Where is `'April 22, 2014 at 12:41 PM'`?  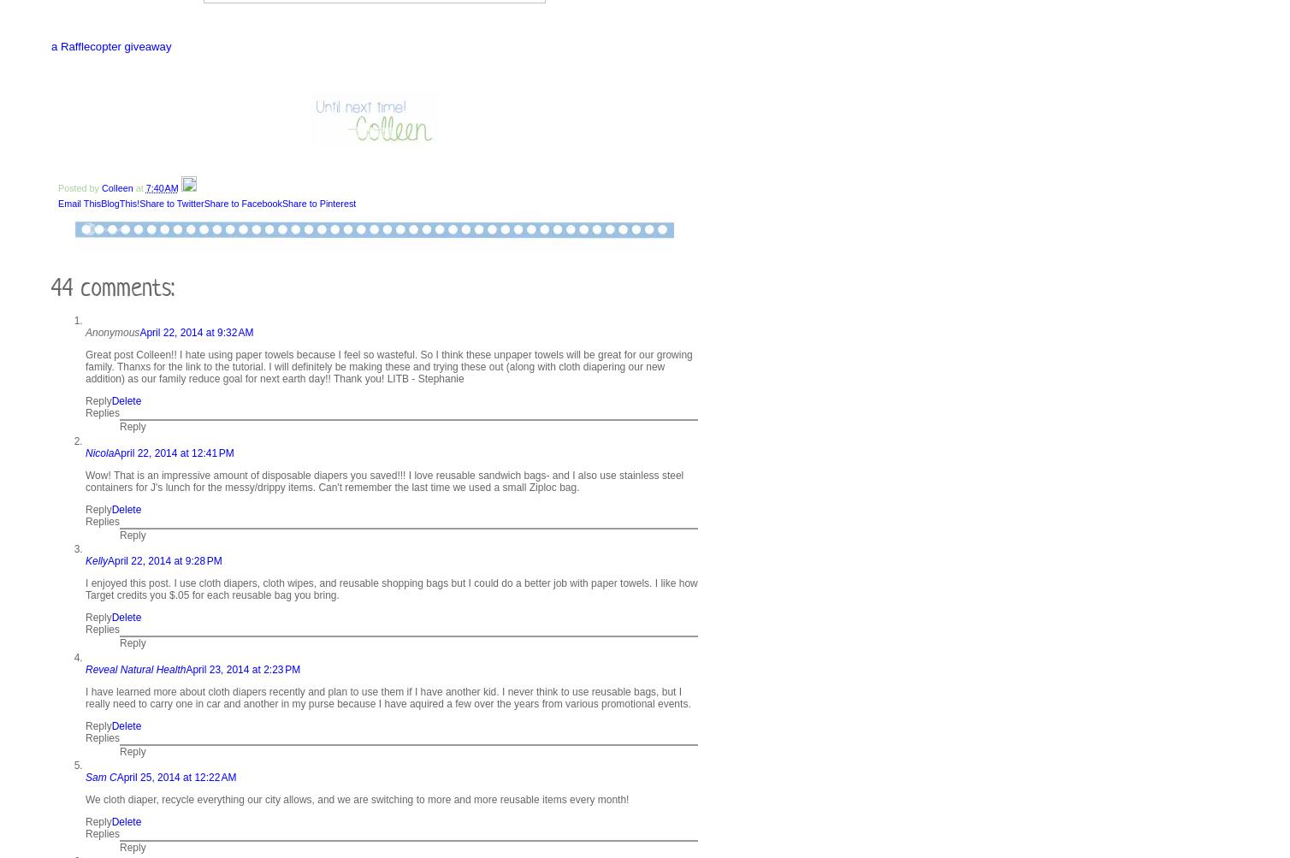
'April 22, 2014 at 12:41 PM' is located at coordinates (114, 451).